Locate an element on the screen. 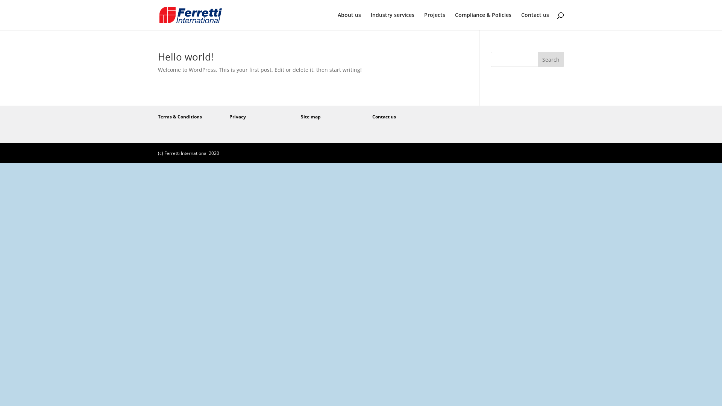 This screenshot has height=406, width=722. 'Site map' is located at coordinates (311, 117).